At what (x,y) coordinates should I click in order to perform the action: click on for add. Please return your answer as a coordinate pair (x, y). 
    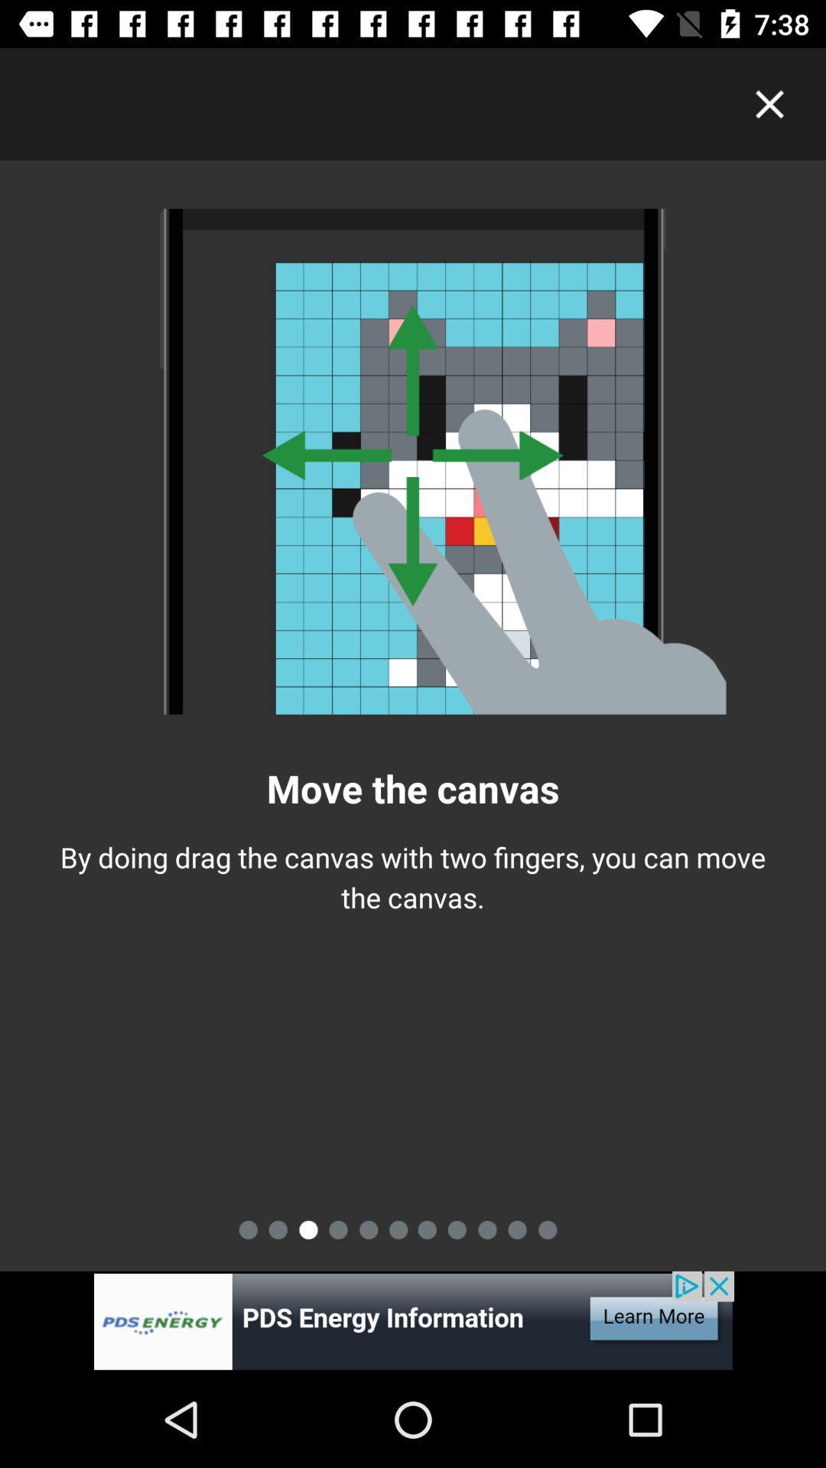
    Looking at the image, I should click on (413, 1320).